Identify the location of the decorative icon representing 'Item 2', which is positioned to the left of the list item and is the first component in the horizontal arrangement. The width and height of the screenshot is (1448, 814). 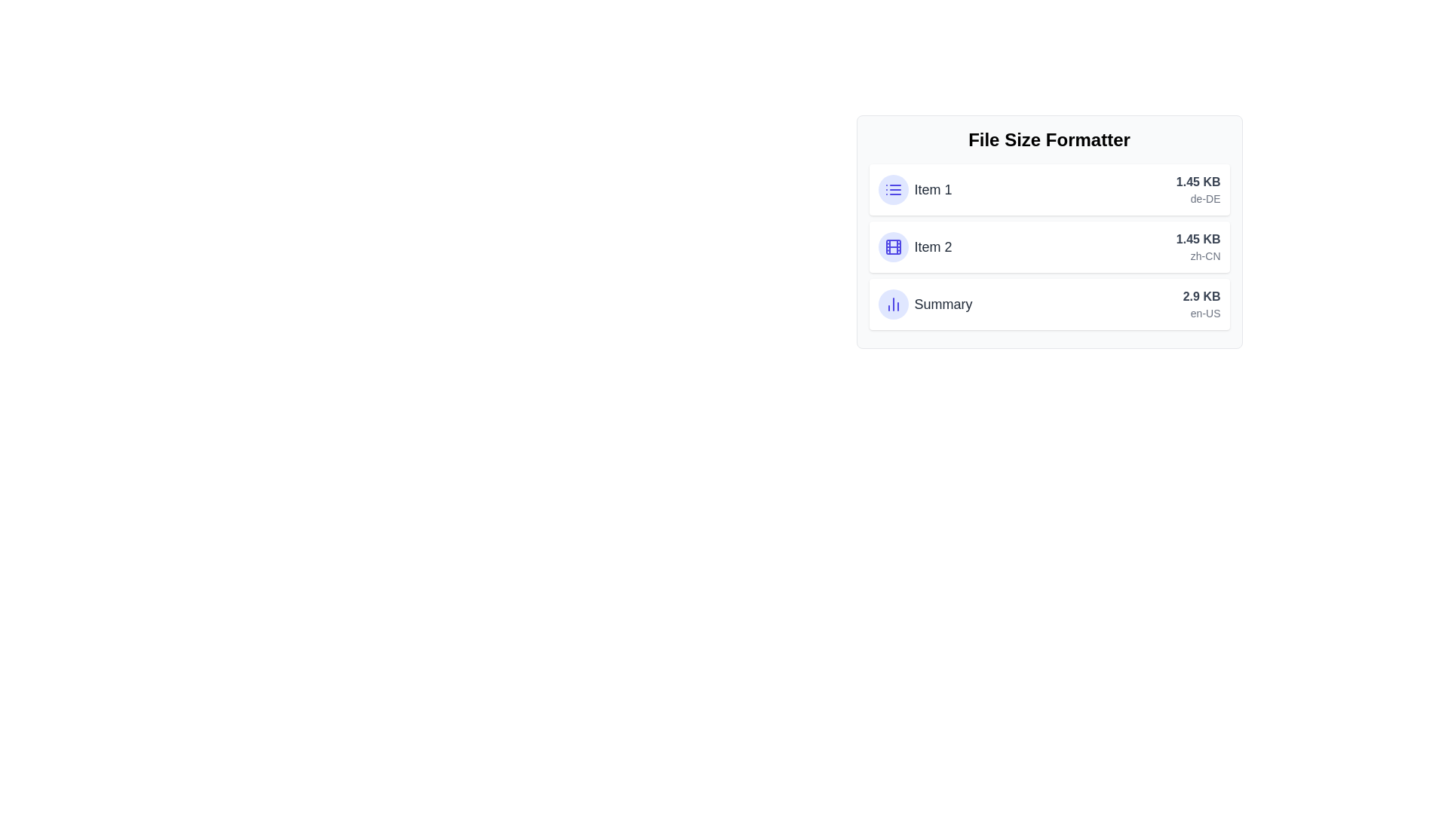
(893, 246).